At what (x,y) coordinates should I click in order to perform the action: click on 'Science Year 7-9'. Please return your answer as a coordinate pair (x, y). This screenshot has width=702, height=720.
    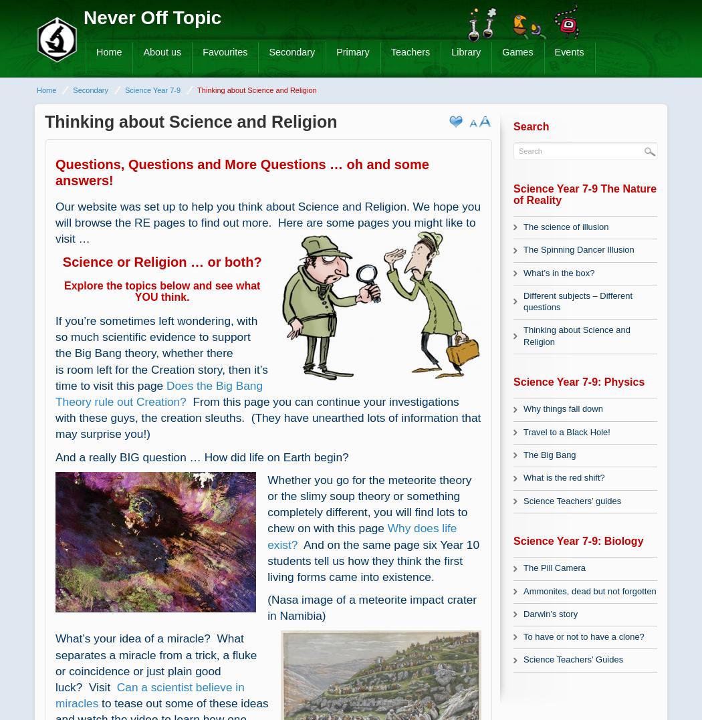
    Looking at the image, I should click on (152, 90).